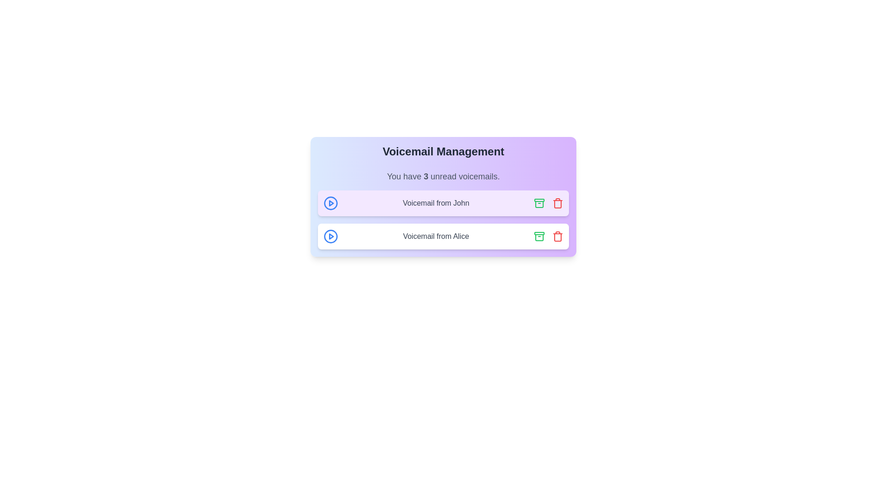 The image size is (886, 498). Describe the element at coordinates (330, 202) in the screenshot. I see `the blue SVG circle component that serves as the outer boundary of the 'play' button, located in the first voicemail row next to 'Voicemail from John'` at that location.